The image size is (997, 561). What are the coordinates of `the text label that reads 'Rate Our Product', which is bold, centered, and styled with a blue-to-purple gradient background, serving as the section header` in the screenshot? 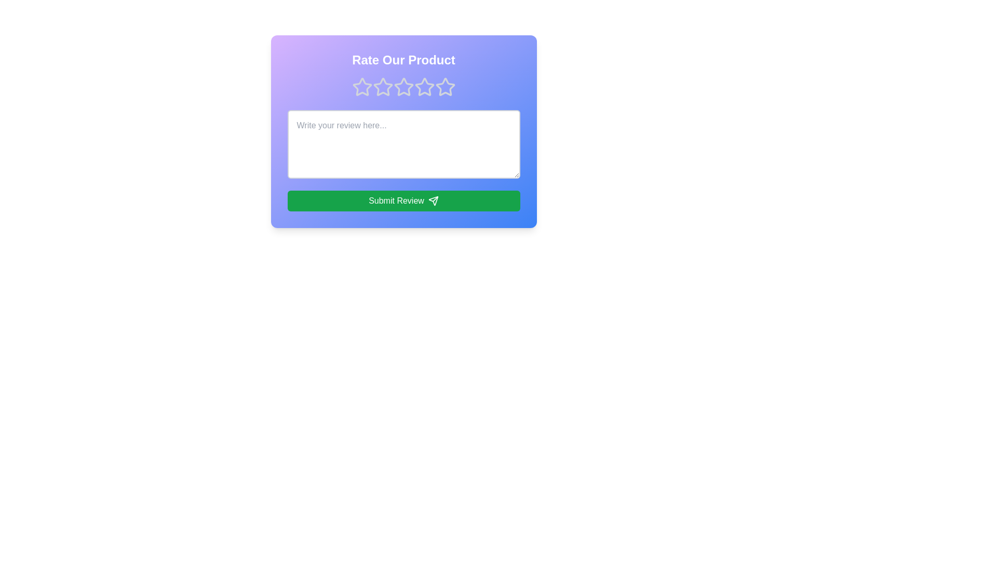 It's located at (403, 60).